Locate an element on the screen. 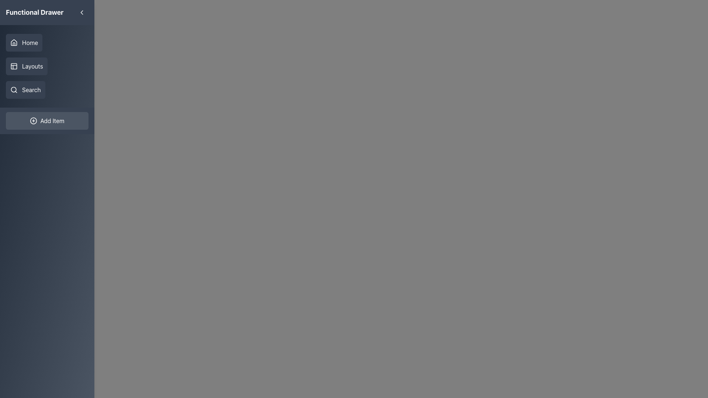  the left-chevron arrow at the top-left corner of the sidebar is located at coordinates (81, 13).